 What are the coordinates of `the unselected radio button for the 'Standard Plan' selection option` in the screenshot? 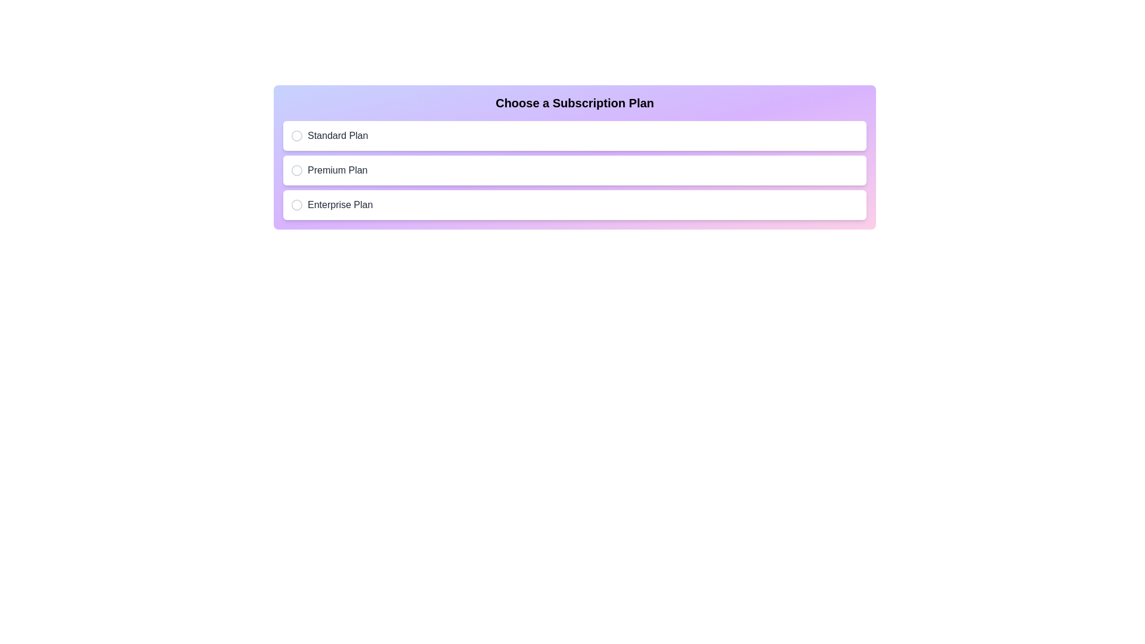 It's located at (297, 135).